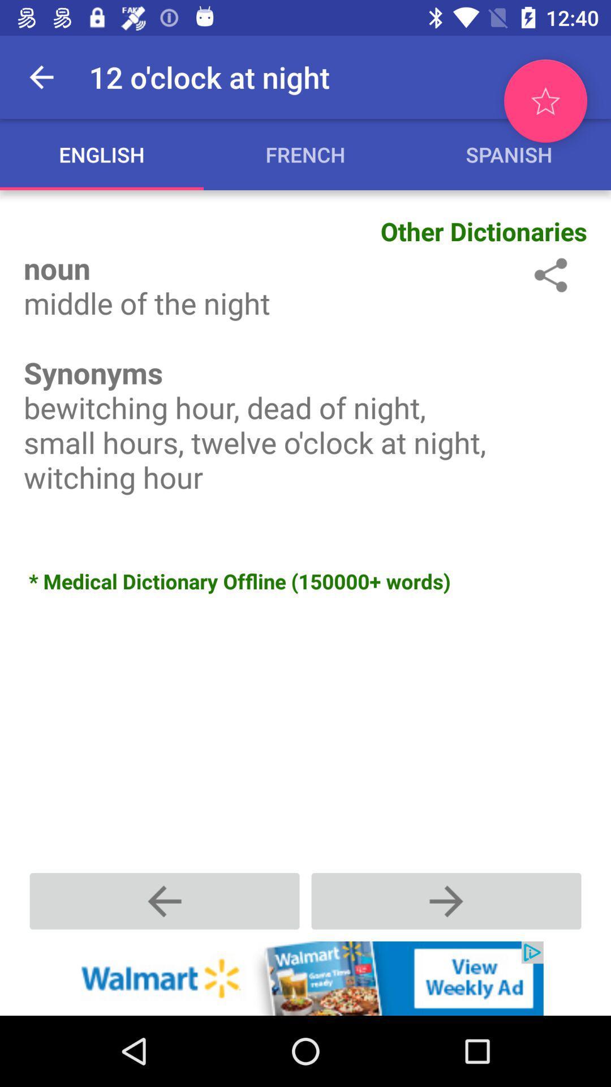 The height and width of the screenshot is (1087, 611). I want to click on click the add, so click(305, 978).